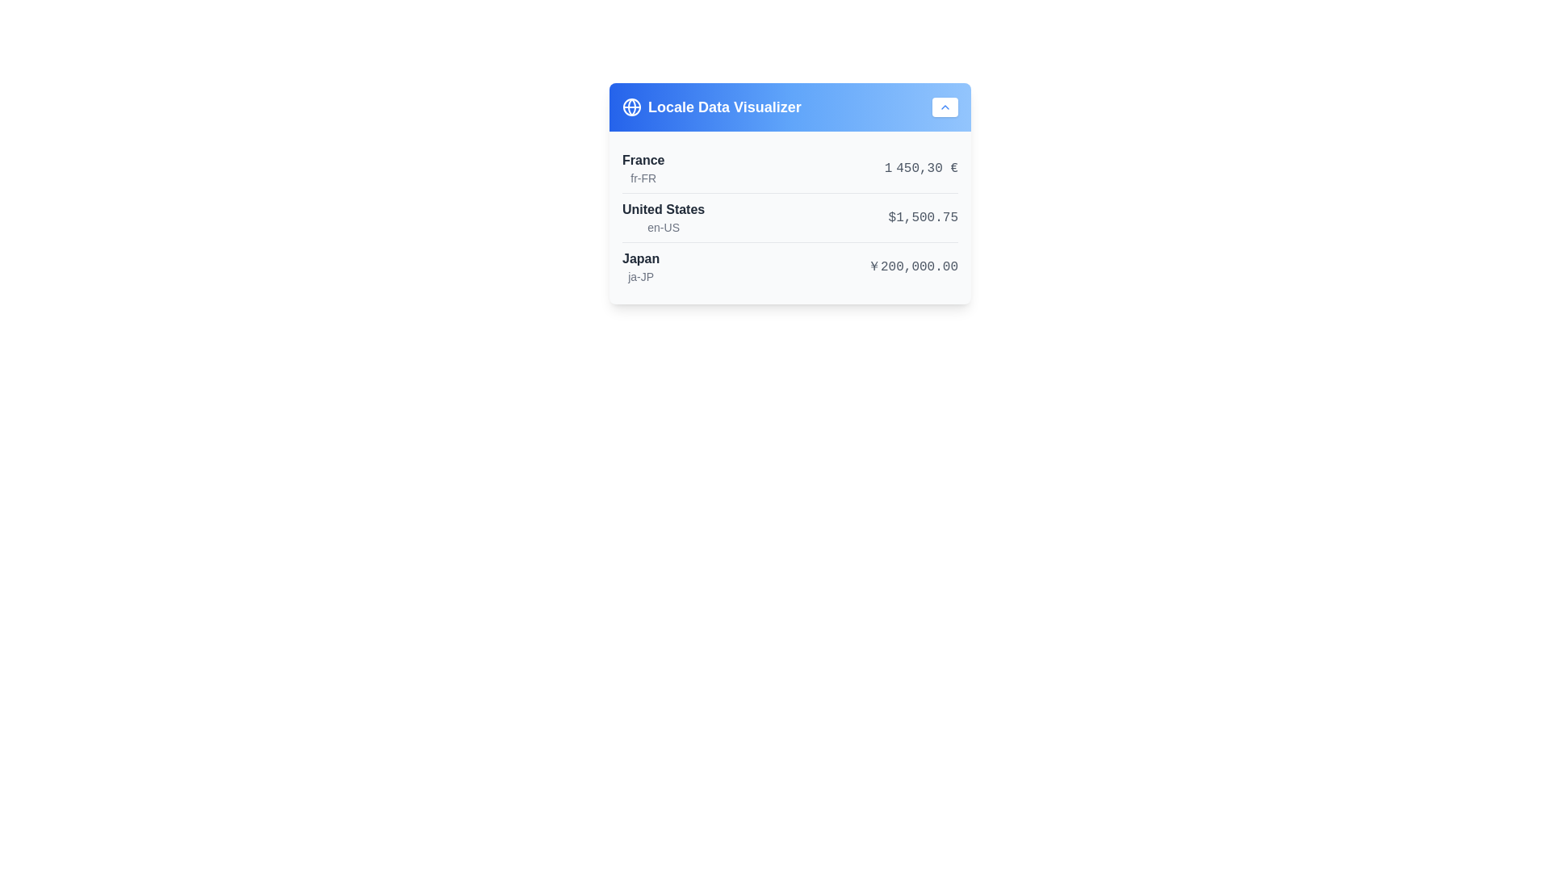 This screenshot has width=1550, height=872. What do you see at coordinates (945, 107) in the screenshot?
I see `the button with a white background and a blue upward arrow icon located in the top-right corner of the 'Locale Data Visualizer' section header` at bounding box center [945, 107].